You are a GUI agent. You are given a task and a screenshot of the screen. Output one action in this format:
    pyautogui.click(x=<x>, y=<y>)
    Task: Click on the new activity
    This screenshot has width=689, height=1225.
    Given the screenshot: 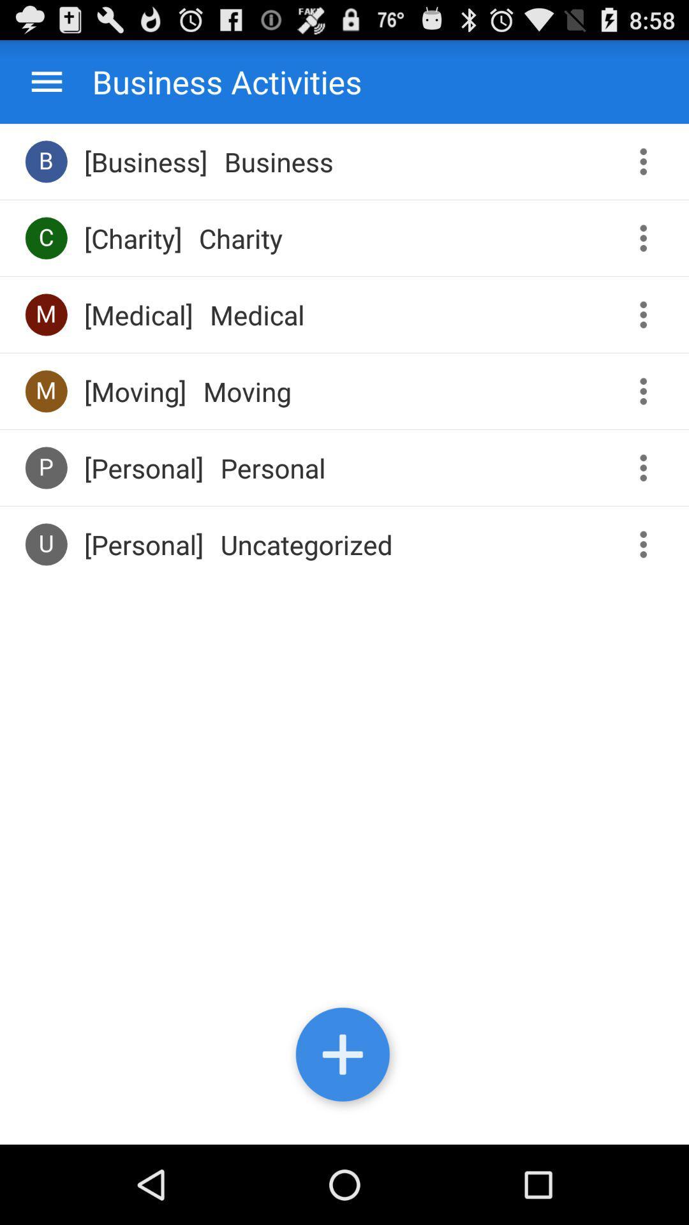 What is the action you would take?
    pyautogui.click(x=344, y=1057)
    